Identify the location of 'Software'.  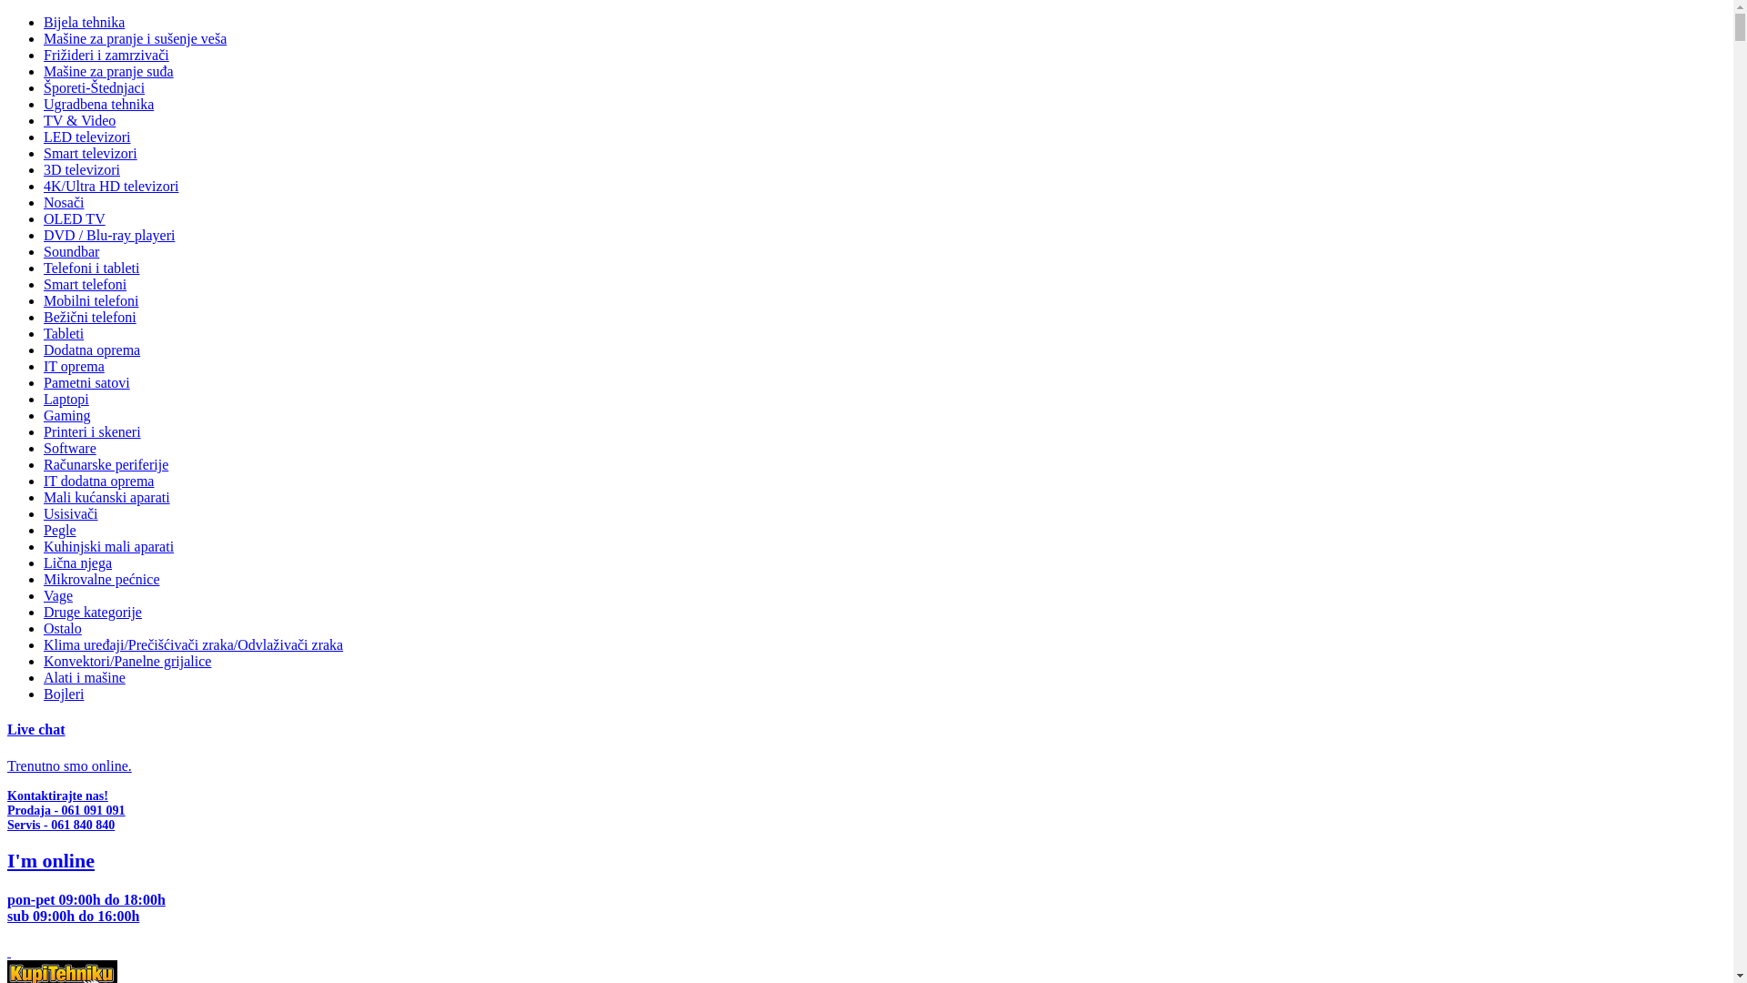
(69, 448).